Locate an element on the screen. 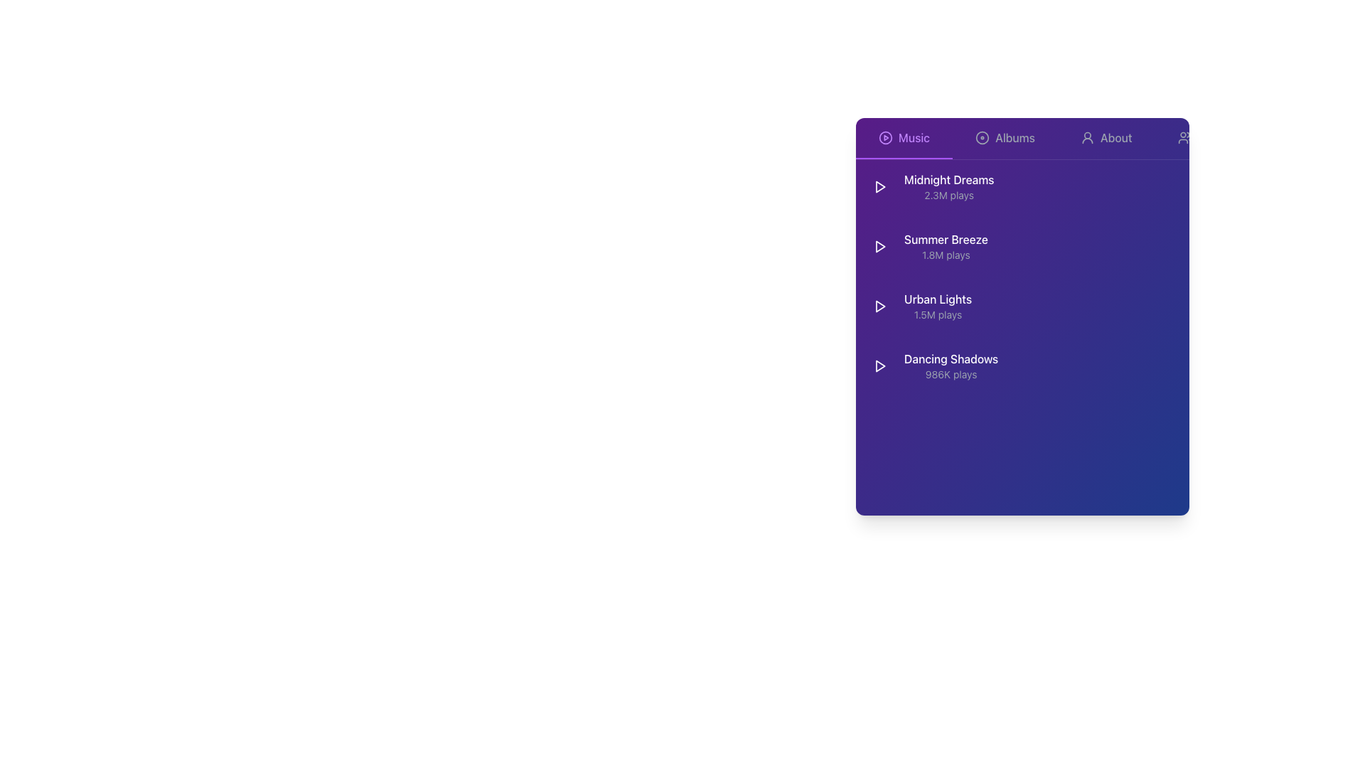 The width and height of the screenshot is (1365, 768). the 'Albums' navigation label is located at coordinates (1015, 137).